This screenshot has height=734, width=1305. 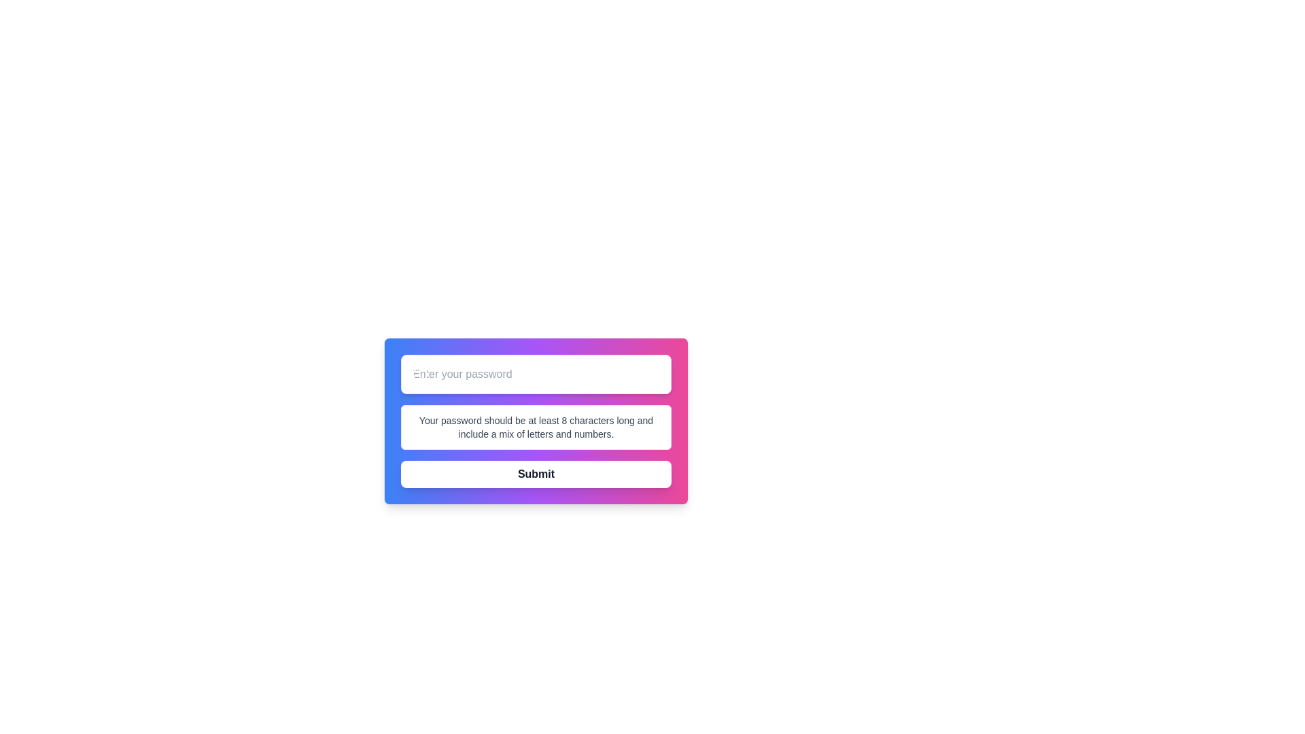 What do you see at coordinates (419, 374) in the screenshot?
I see `the information icon located to the left of the password input field` at bounding box center [419, 374].